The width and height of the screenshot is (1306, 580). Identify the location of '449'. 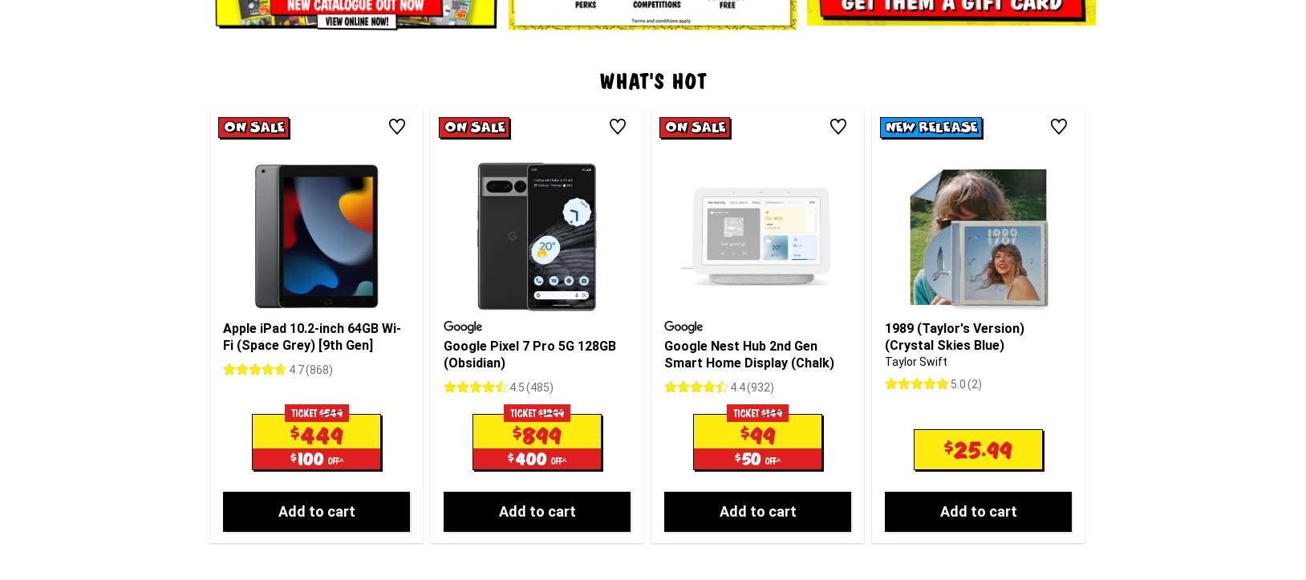
(320, 300).